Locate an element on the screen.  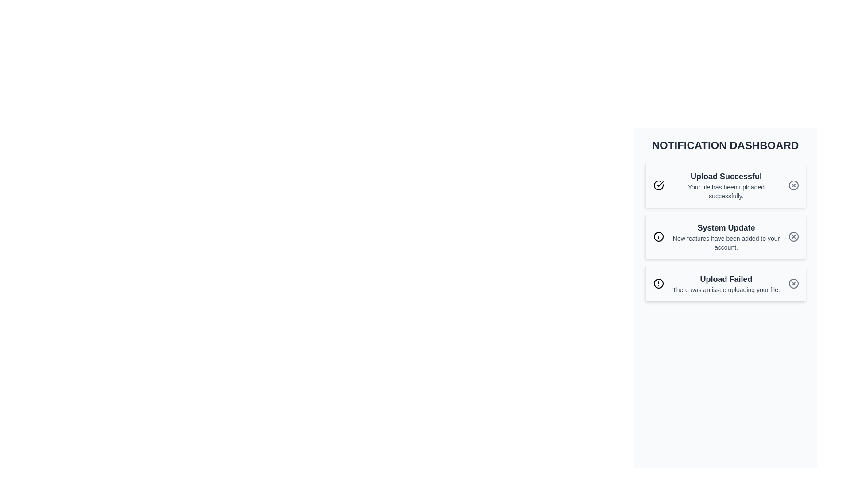
the circular black and white icon representing the system update, located on the left side of the second notification card in the dashboard is located at coordinates (659, 236).